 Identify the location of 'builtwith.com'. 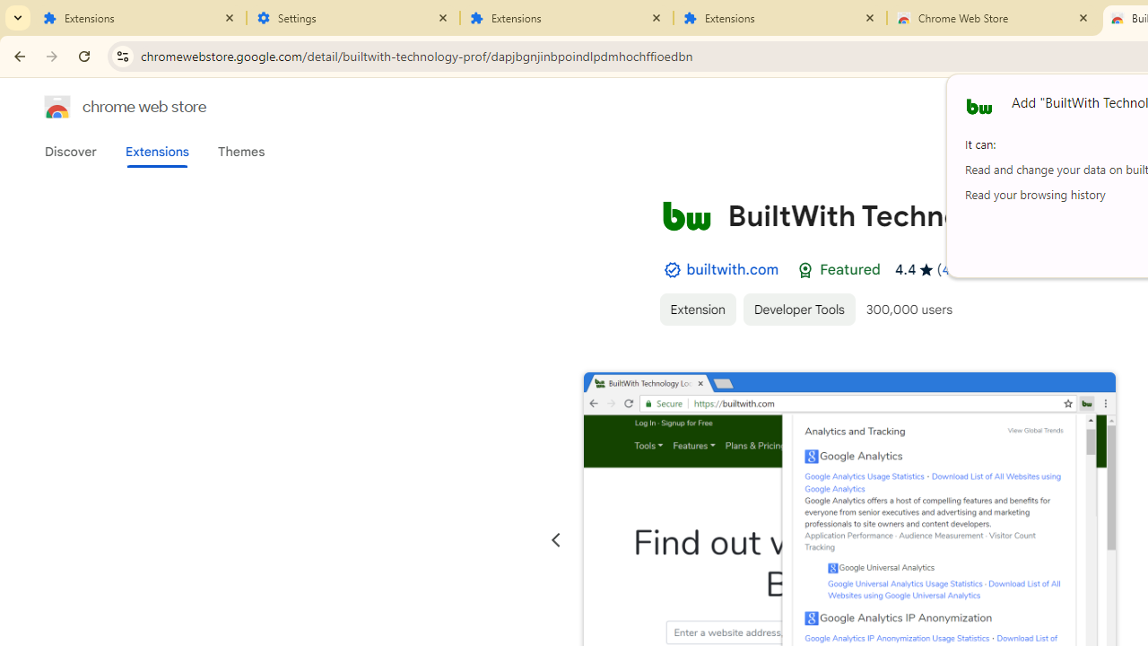
(733, 269).